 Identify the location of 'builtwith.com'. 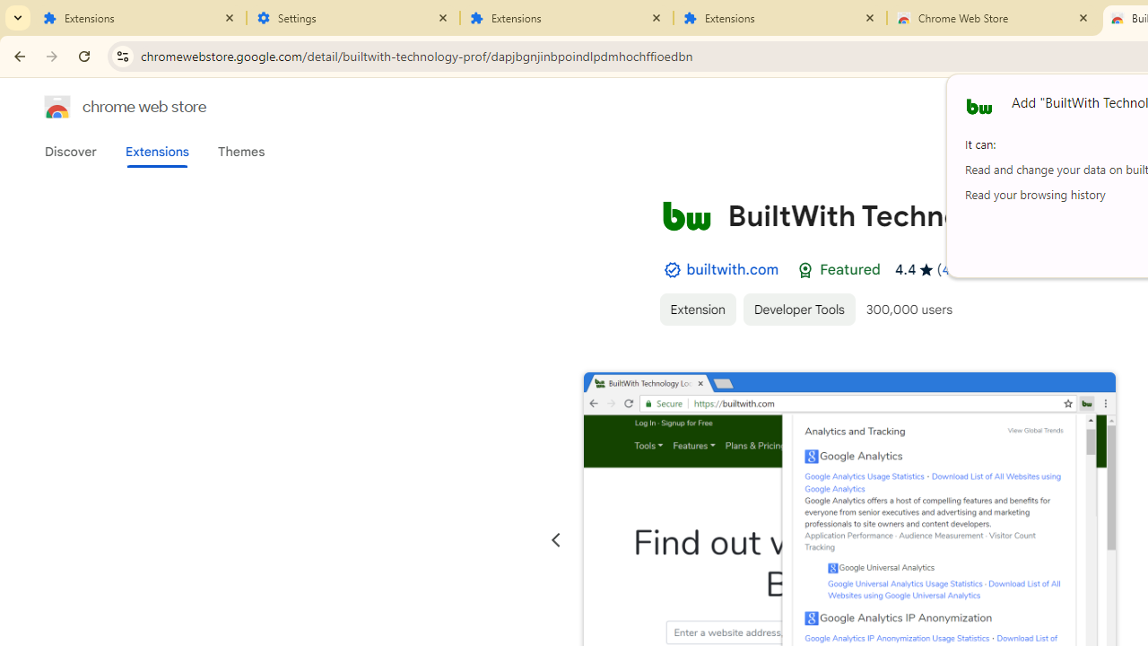
(733, 269).